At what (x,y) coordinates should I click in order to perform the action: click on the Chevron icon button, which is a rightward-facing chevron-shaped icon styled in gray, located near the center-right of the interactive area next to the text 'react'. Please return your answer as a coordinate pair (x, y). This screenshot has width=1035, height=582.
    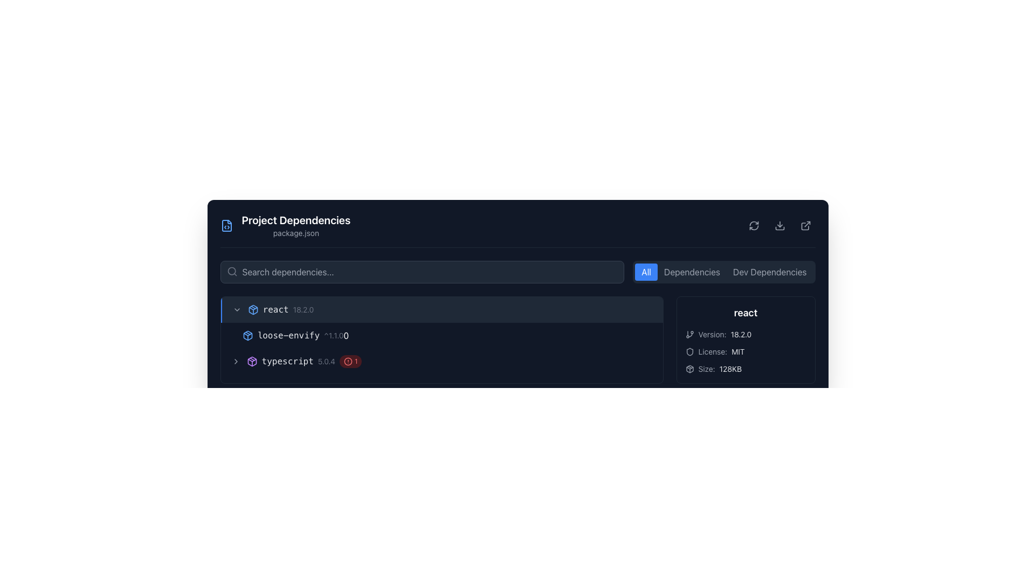
    Looking at the image, I should click on (235, 362).